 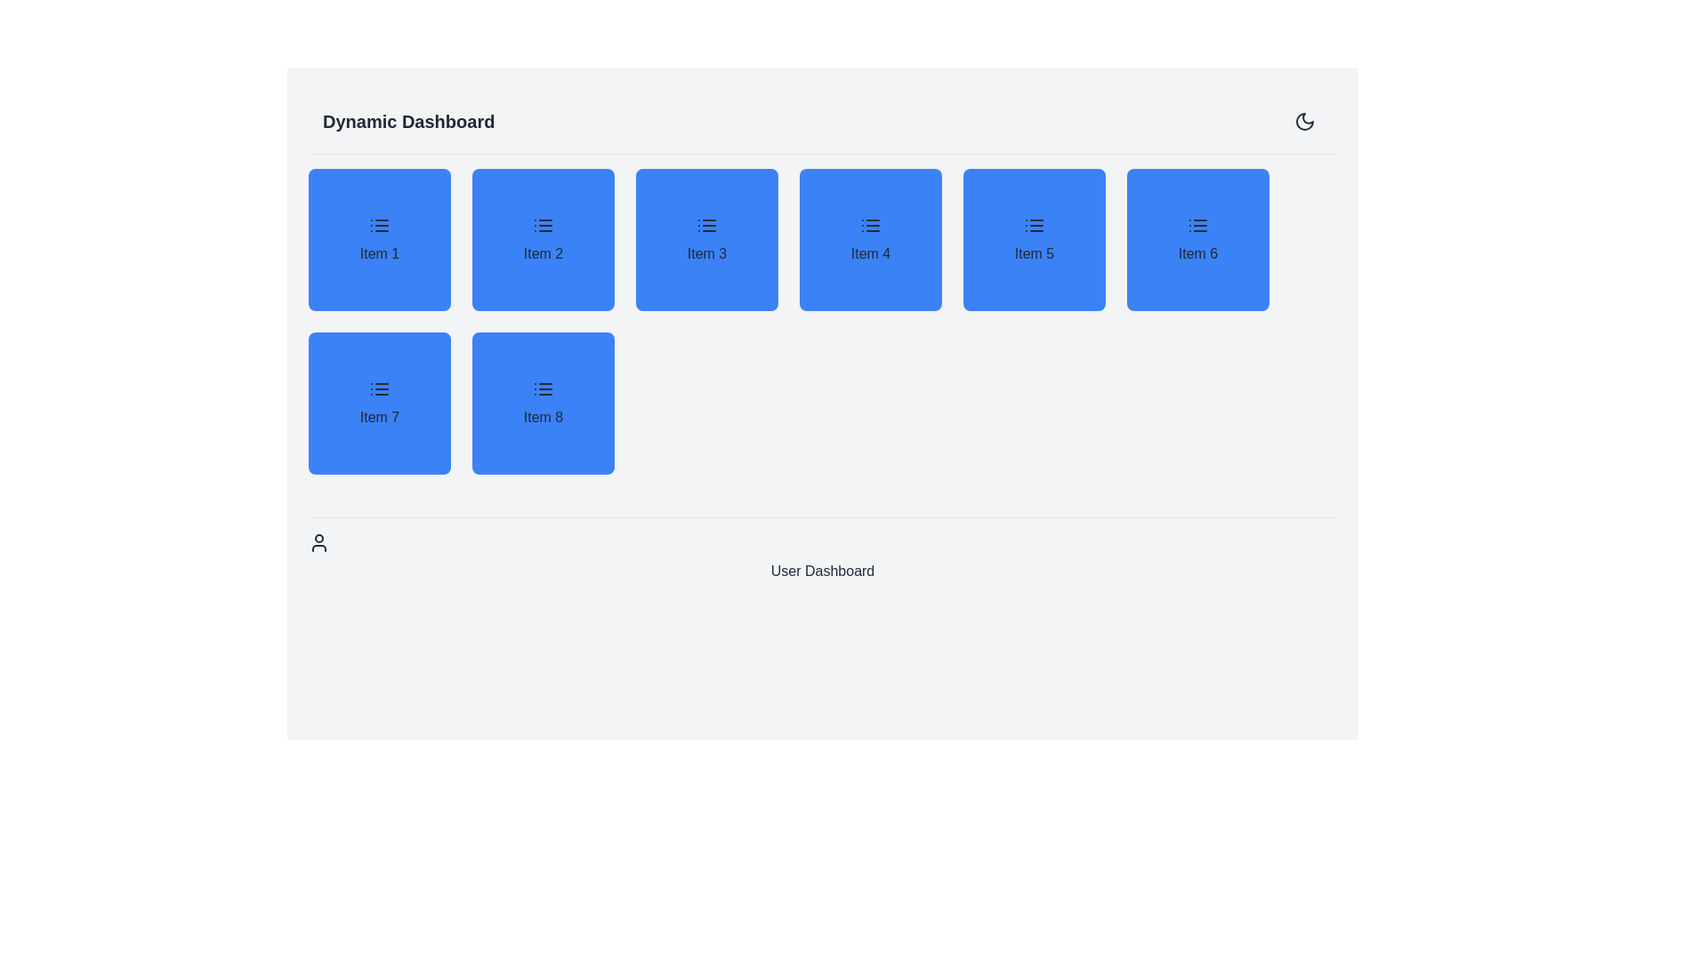 I want to click on the text element displaying 'Item 8', so click(x=542, y=418).